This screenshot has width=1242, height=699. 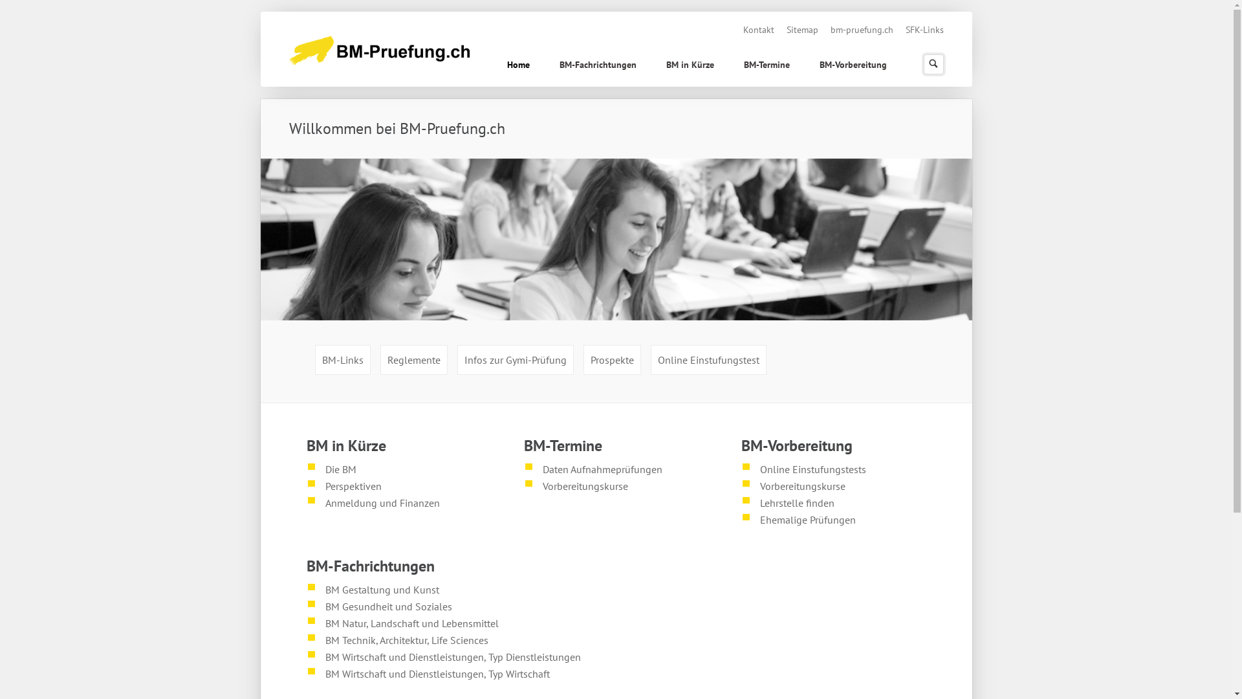 I want to click on 'Home', so click(x=518, y=66).